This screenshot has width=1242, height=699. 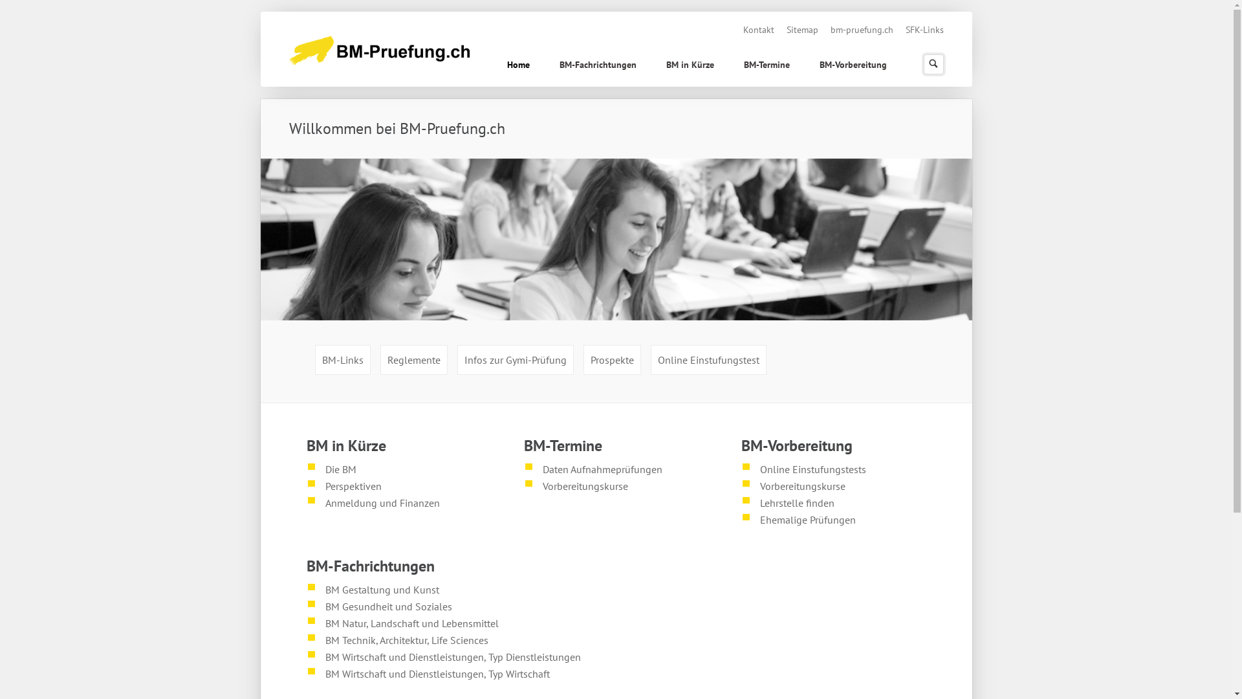 I want to click on 'Home', so click(x=518, y=66).